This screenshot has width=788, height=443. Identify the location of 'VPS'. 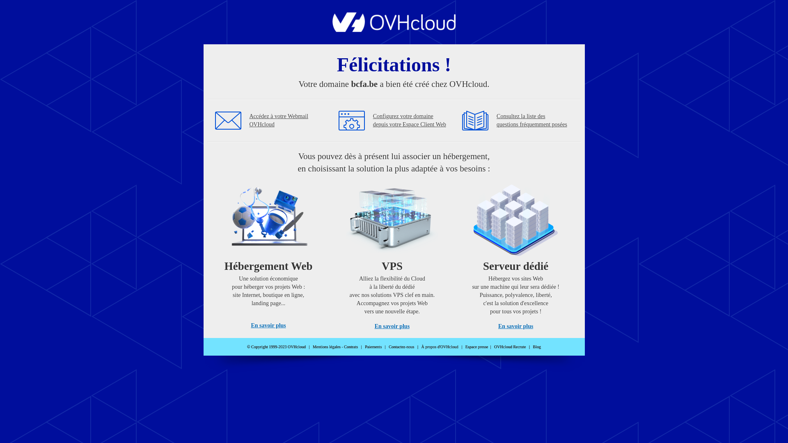
(392, 253).